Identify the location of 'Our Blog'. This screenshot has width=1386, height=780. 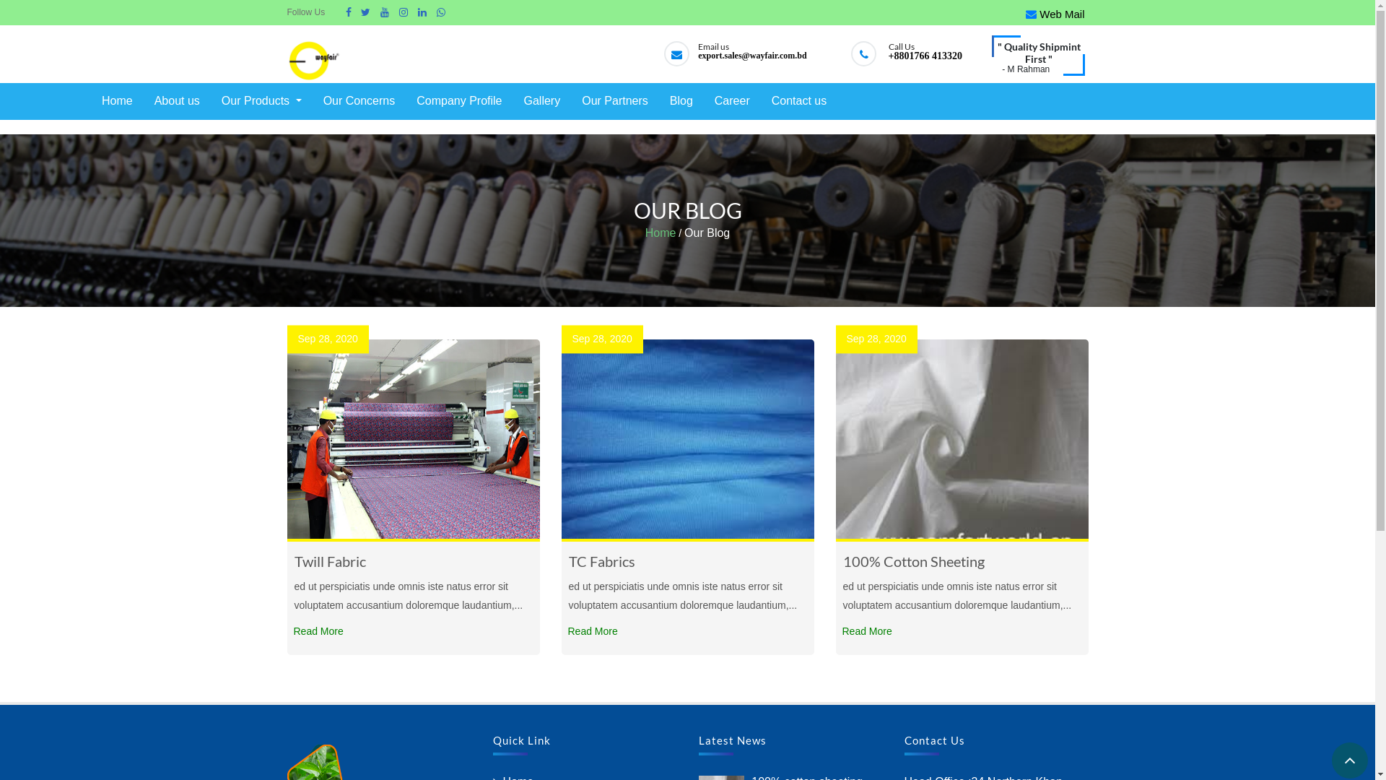
(707, 233).